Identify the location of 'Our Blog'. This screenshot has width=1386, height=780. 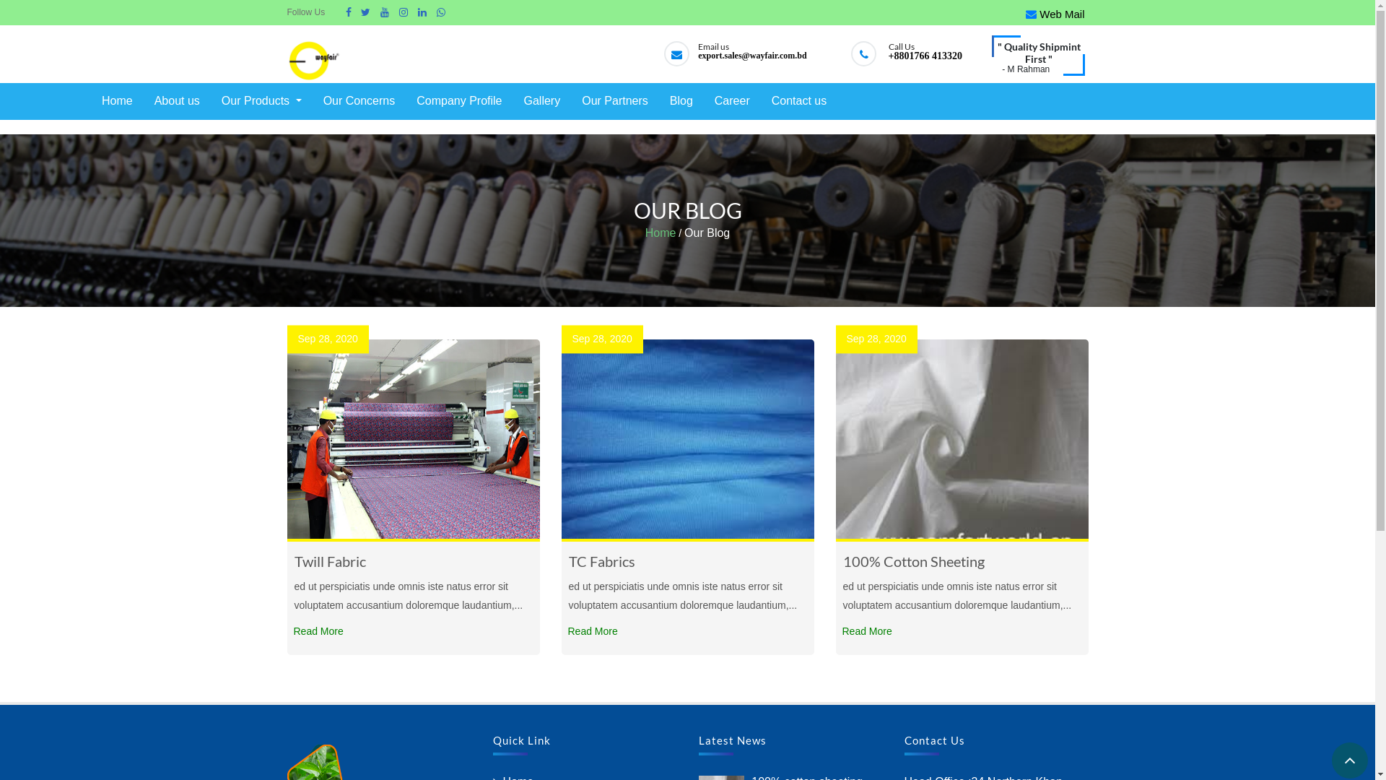
(707, 233).